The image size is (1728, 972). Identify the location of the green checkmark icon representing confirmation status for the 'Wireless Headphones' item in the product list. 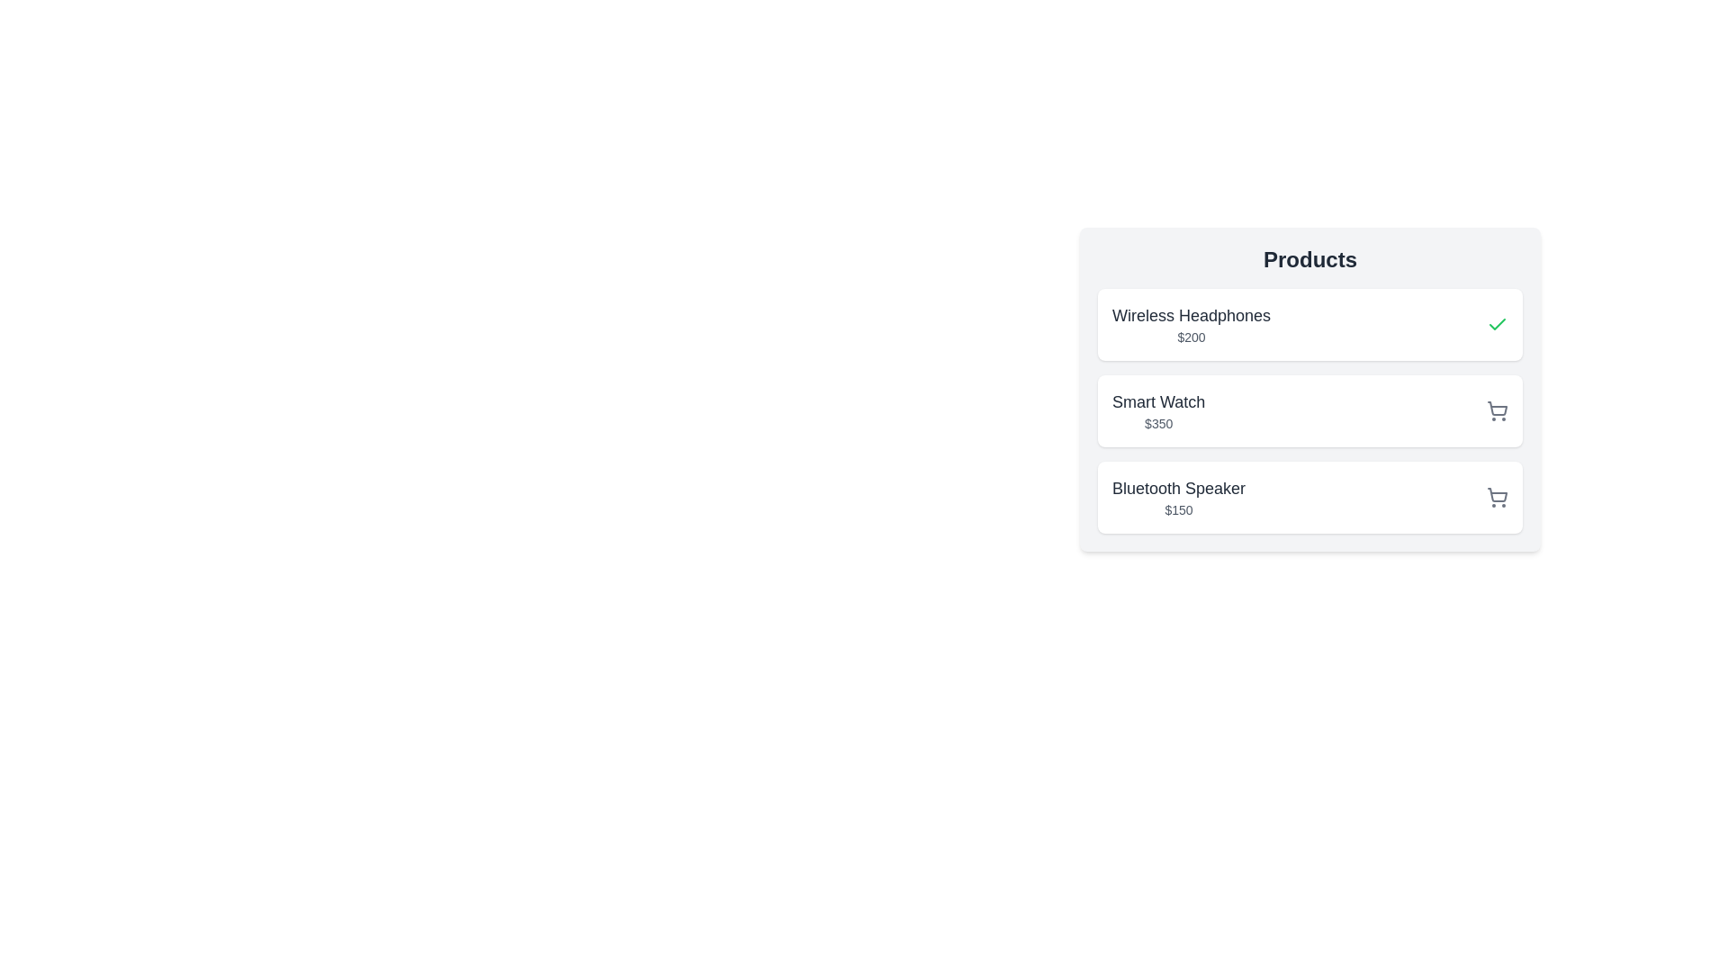
(1498, 322).